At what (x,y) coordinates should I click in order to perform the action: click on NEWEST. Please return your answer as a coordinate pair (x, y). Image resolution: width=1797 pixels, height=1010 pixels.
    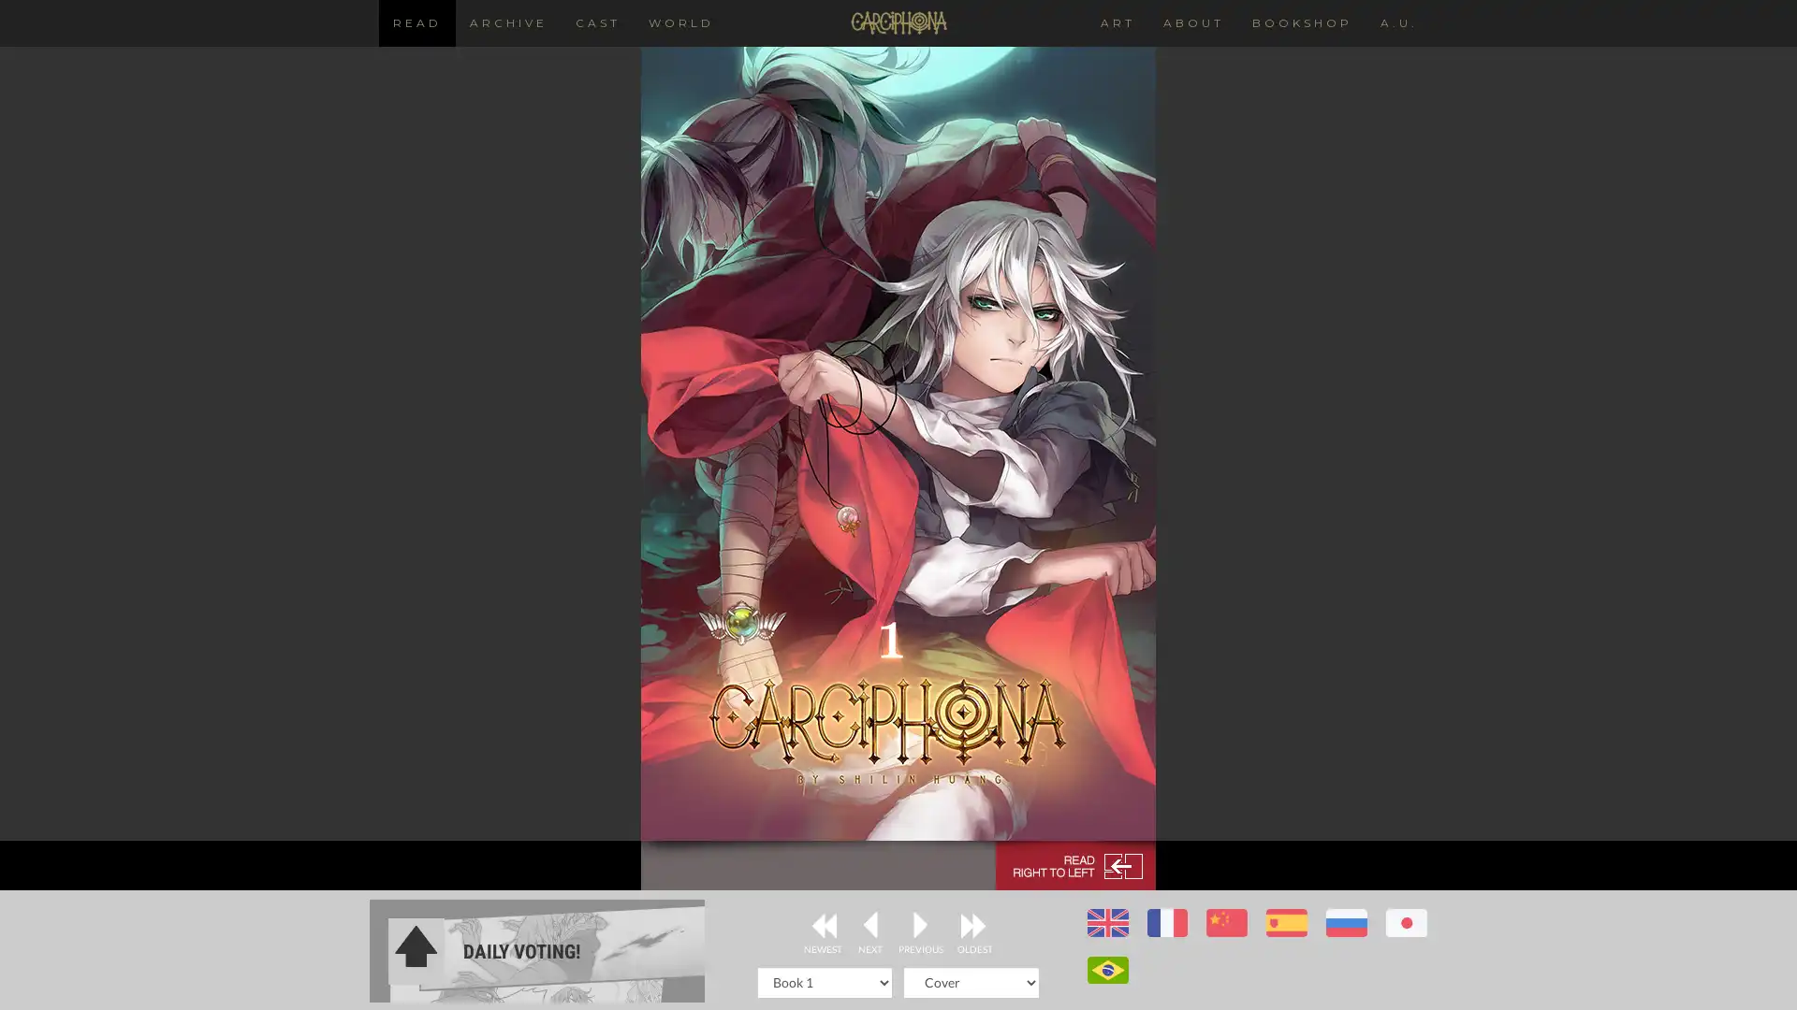
    Looking at the image, I should click on (822, 927).